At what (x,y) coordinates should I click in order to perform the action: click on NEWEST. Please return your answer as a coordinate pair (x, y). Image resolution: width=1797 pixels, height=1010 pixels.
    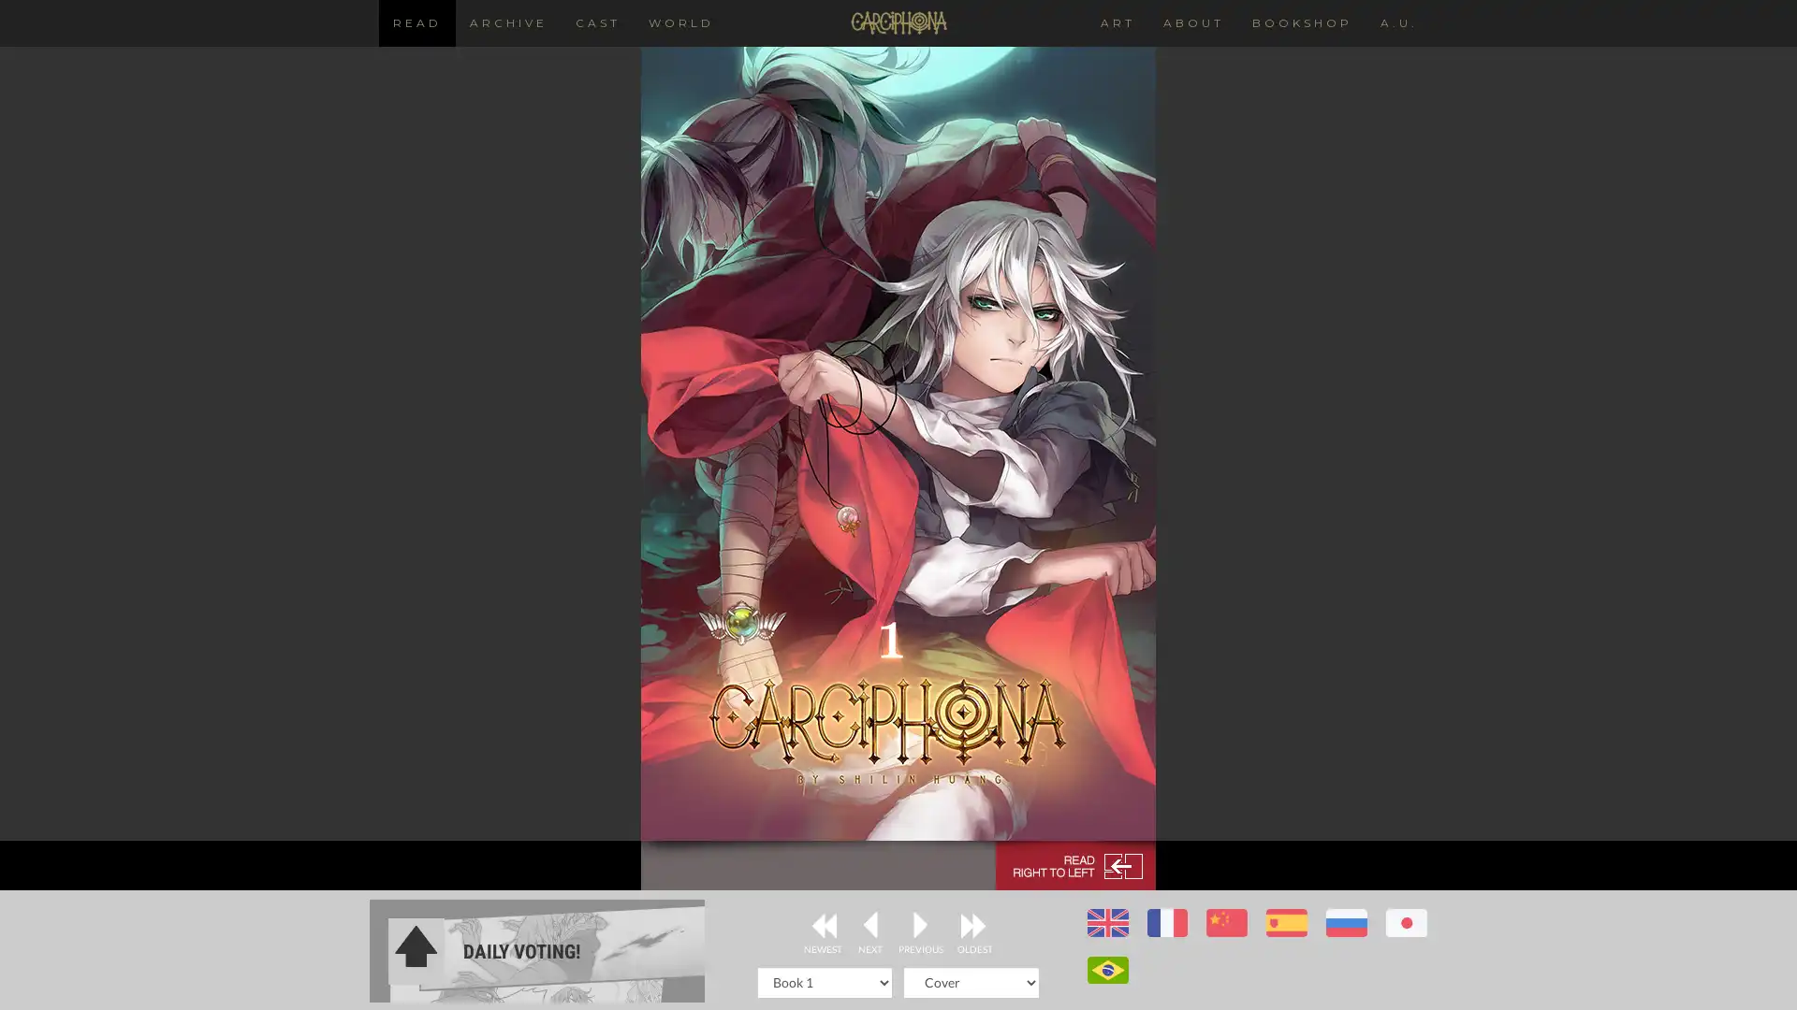
    Looking at the image, I should click on (822, 927).